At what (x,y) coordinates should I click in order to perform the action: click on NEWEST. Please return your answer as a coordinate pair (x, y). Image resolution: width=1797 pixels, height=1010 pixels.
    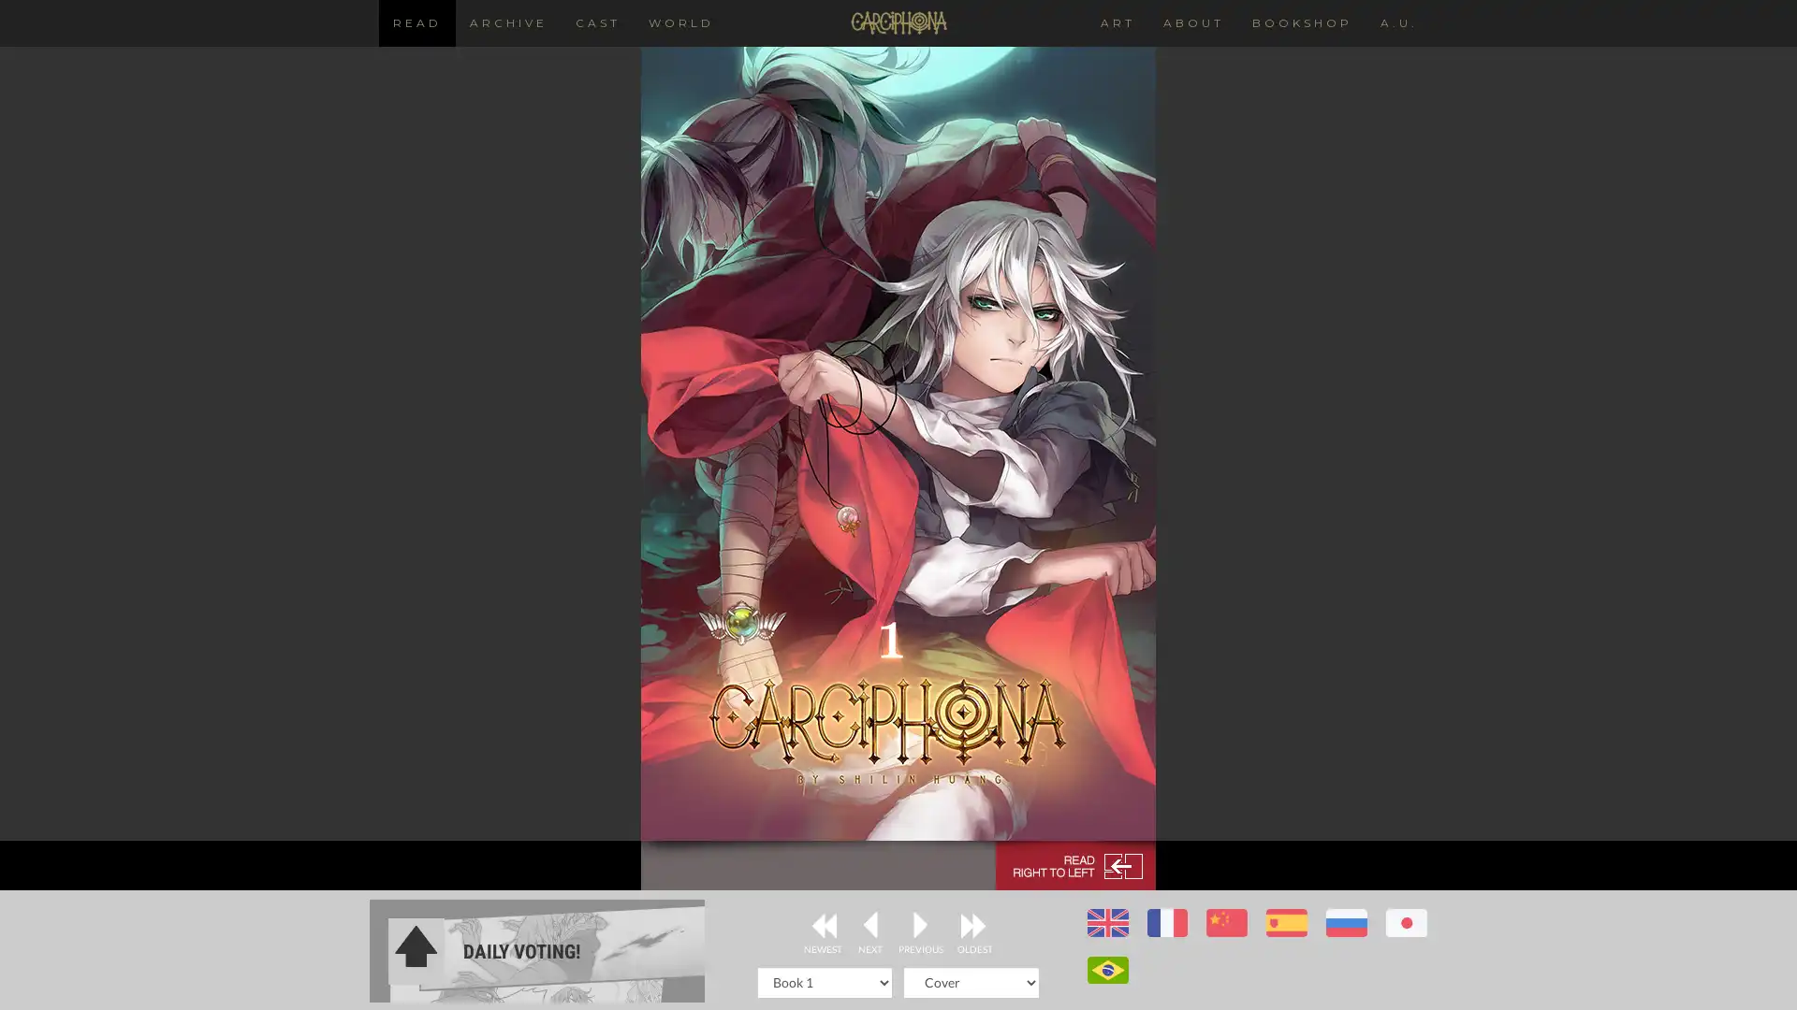
    Looking at the image, I should click on (822, 927).